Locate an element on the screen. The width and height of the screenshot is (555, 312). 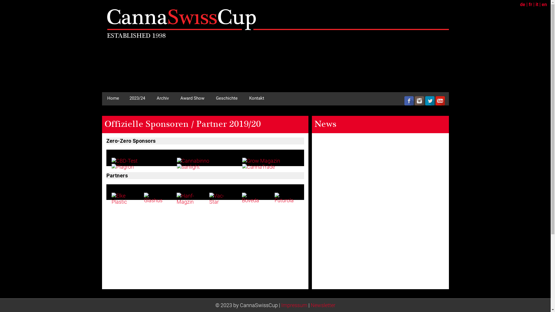
'Home' is located at coordinates (101, 98).